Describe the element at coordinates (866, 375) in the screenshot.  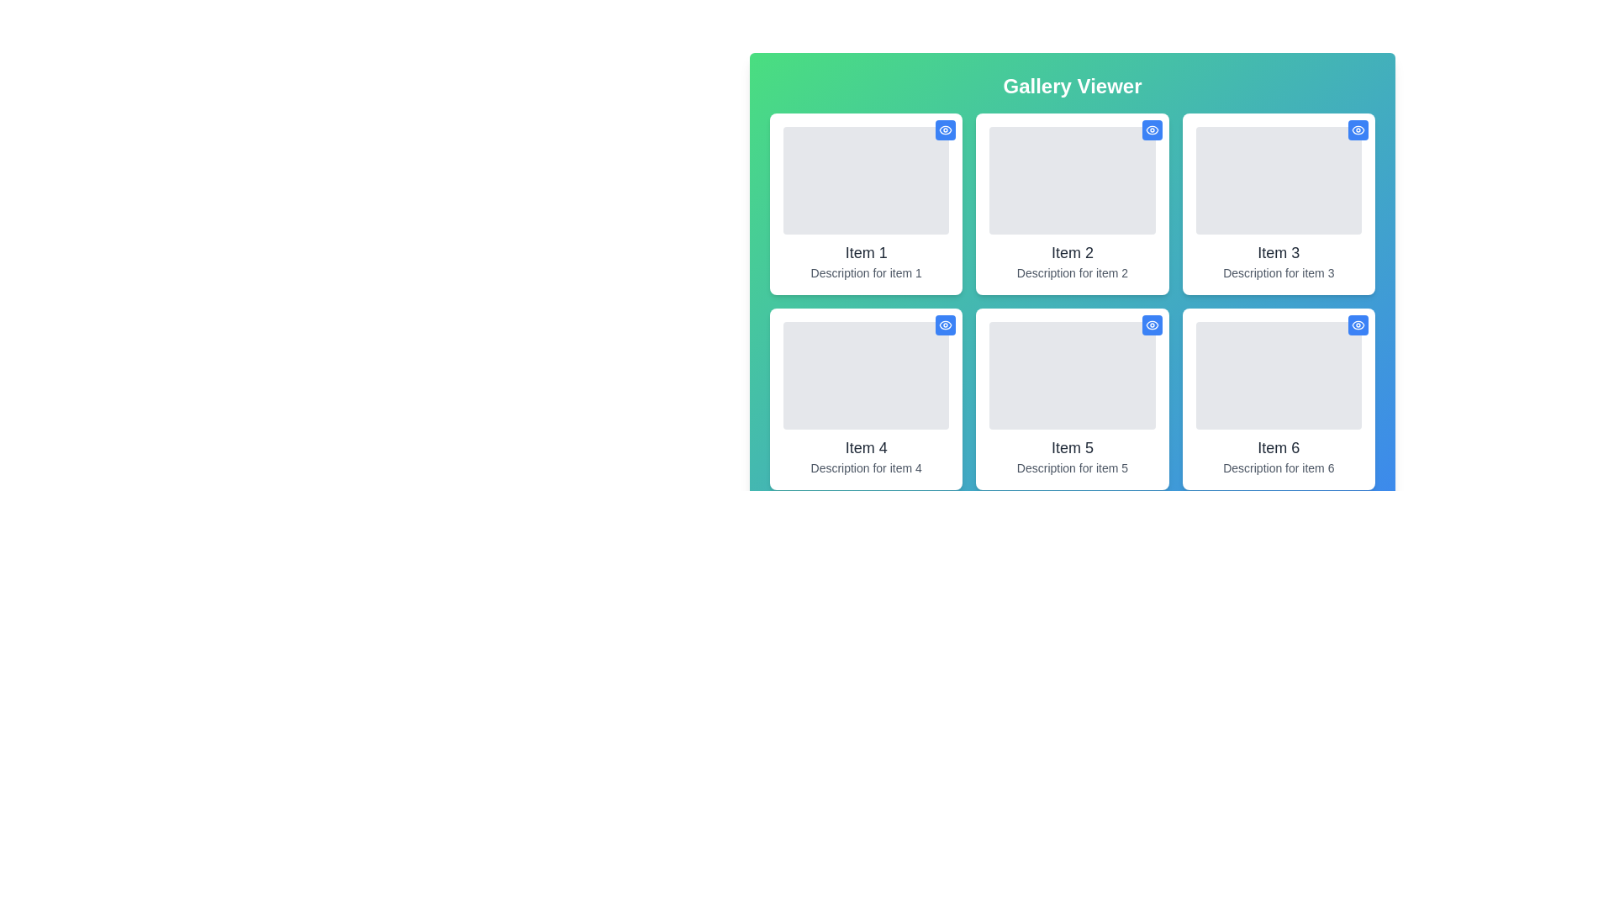
I see `the Image Placeholder, which is a rectangular box with rounded corners and a light gray background, located at the top of the card titled 'Item 4'` at that location.